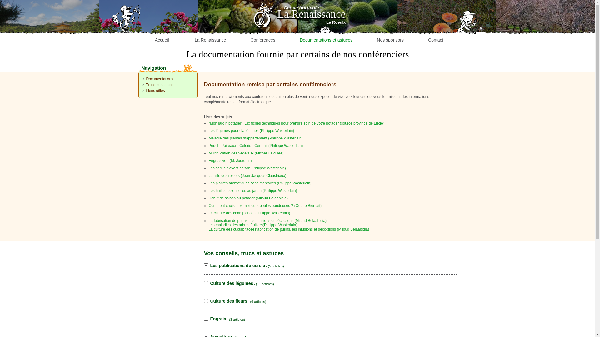 The image size is (600, 337). What do you see at coordinates (255, 190) in the screenshot?
I see `'Les huiles essentielles au jardin (Philippe Wasterlain)'` at bounding box center [255, 190].